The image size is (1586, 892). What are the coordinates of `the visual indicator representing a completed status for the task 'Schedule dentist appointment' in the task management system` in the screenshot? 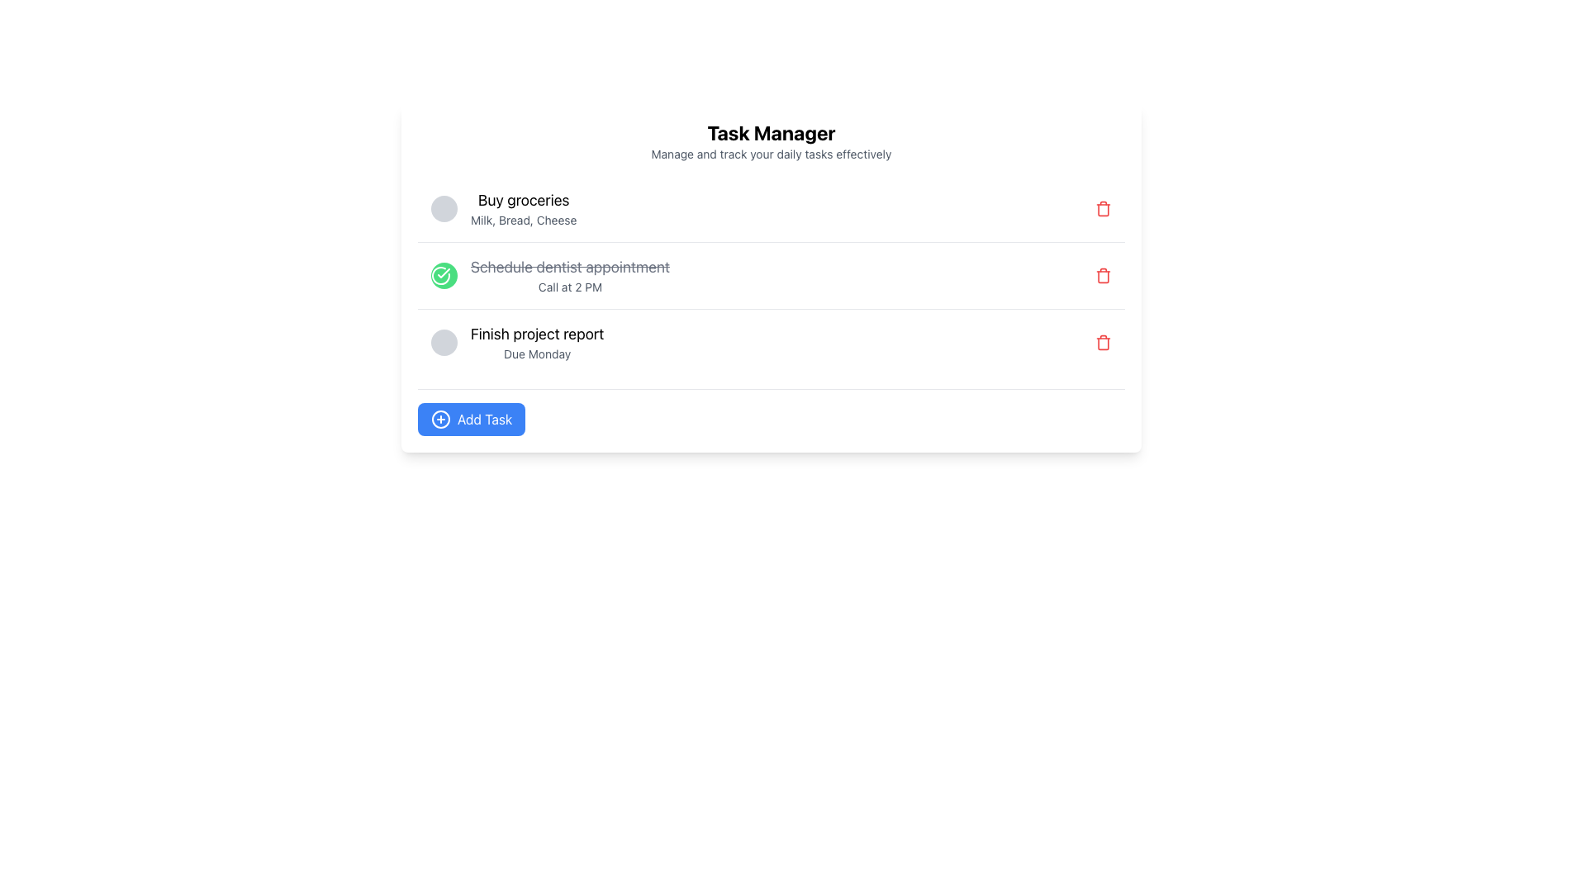 It's located at (440, 275).